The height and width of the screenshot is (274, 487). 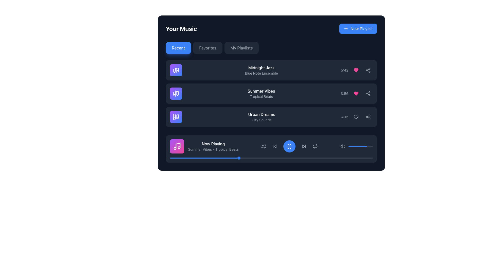 What do you see at coordinates (356, 94) in the screenshot?
I see `the favorite icon located in the third row, adjacent to 'Summer Vibes - Tropical Beats' and the time indicator (3:56)` at bounding box center [356, 94].